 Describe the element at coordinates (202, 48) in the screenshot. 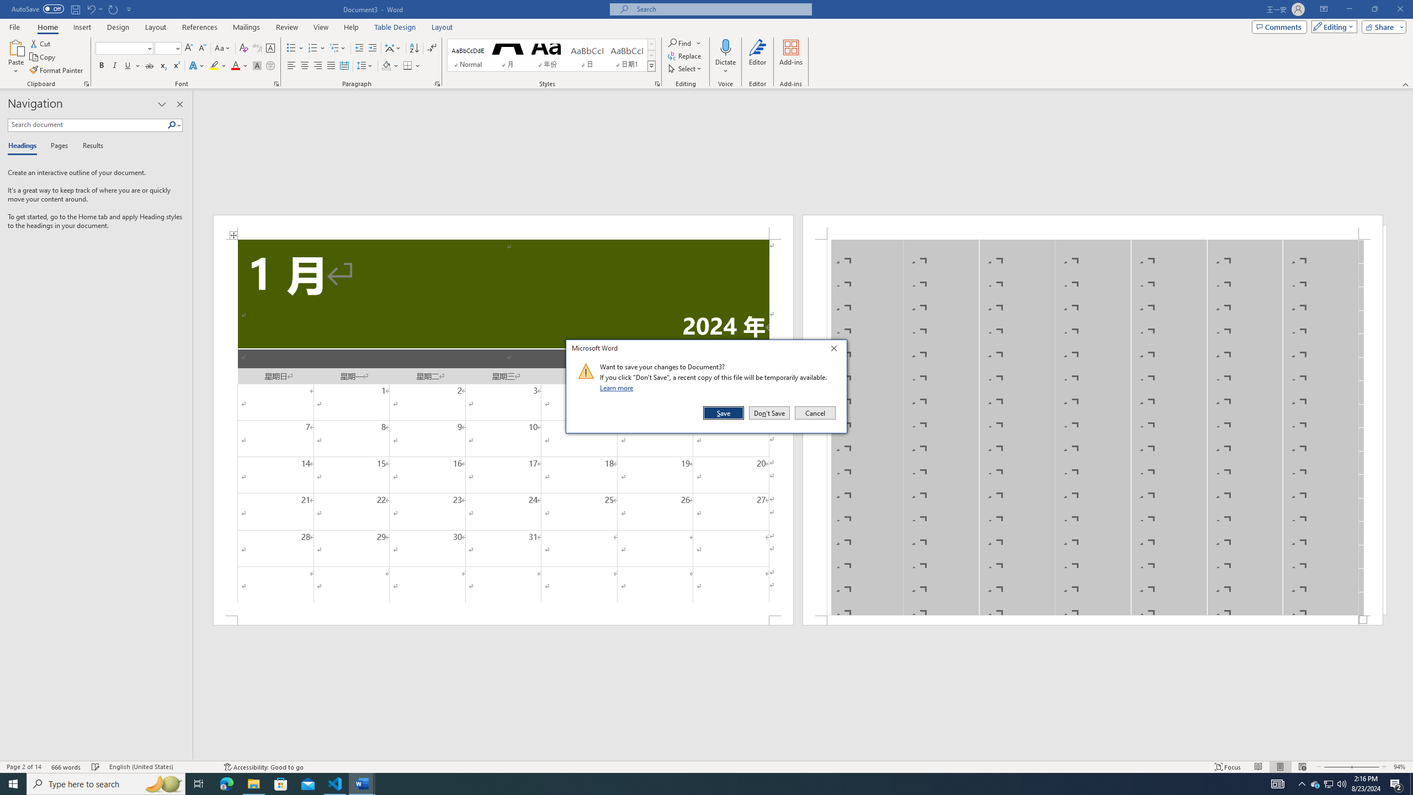

I see `'Shrink Font'` at that location.